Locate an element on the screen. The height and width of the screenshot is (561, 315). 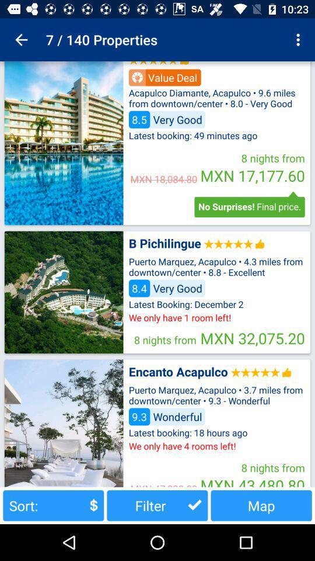
the map is located at coordinates (261, 505).